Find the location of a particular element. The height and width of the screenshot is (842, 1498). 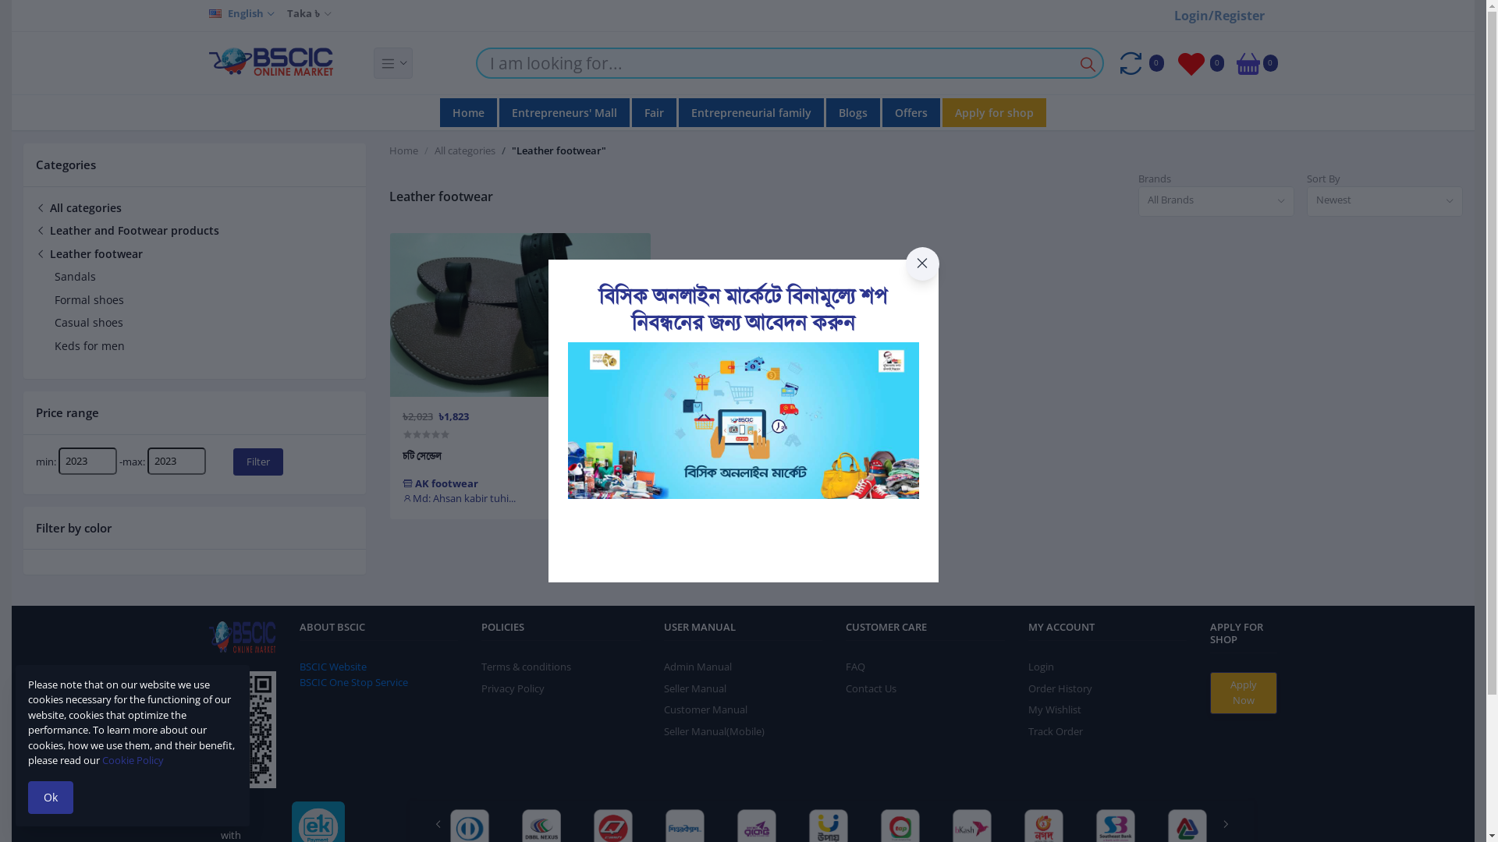

'Contact Us' is located at coordinates (870, 688).